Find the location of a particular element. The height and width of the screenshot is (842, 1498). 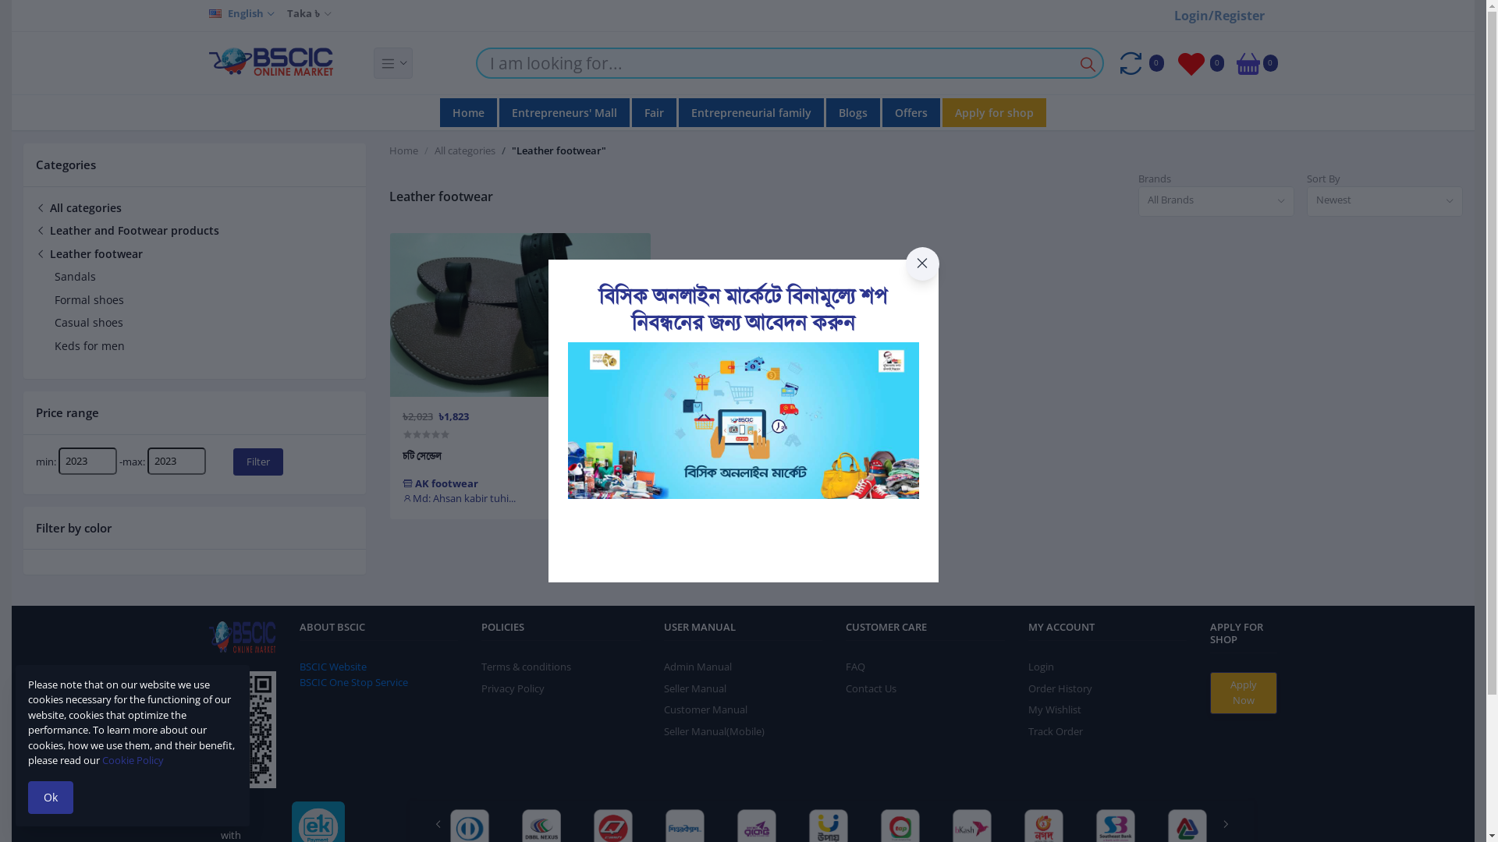

'Contact Us' is located at coordinates (870, 688).